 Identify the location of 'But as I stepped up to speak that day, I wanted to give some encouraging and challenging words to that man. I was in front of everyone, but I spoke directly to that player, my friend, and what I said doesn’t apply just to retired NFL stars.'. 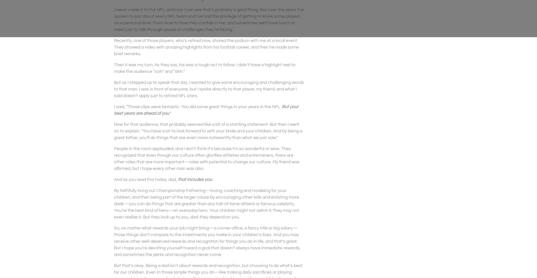
(209, 89).